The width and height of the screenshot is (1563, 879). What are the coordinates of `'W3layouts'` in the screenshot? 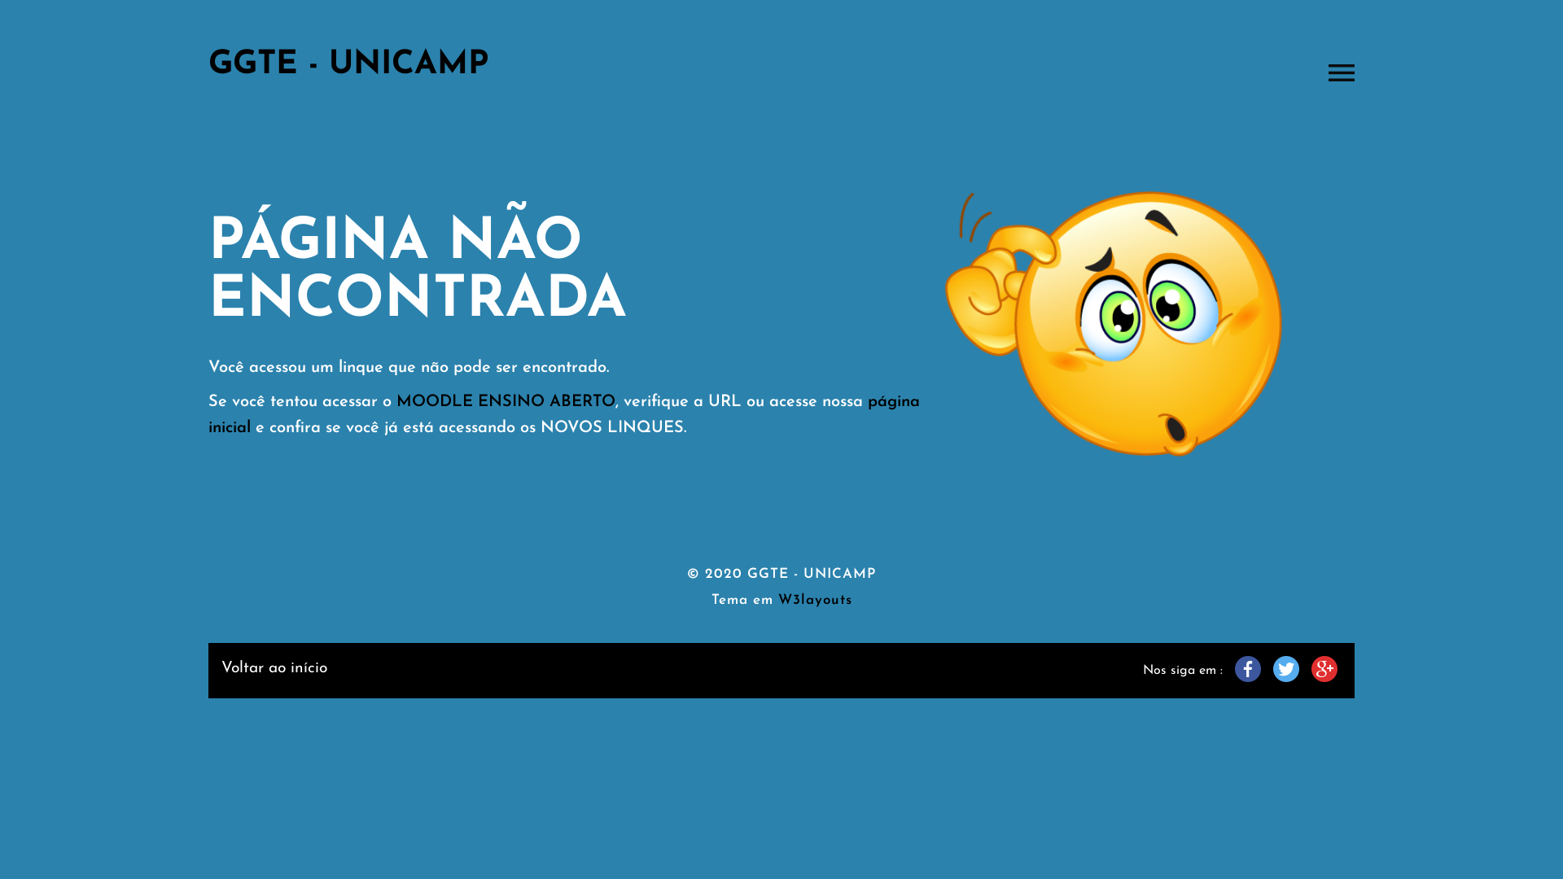 It's located at (815, 600).